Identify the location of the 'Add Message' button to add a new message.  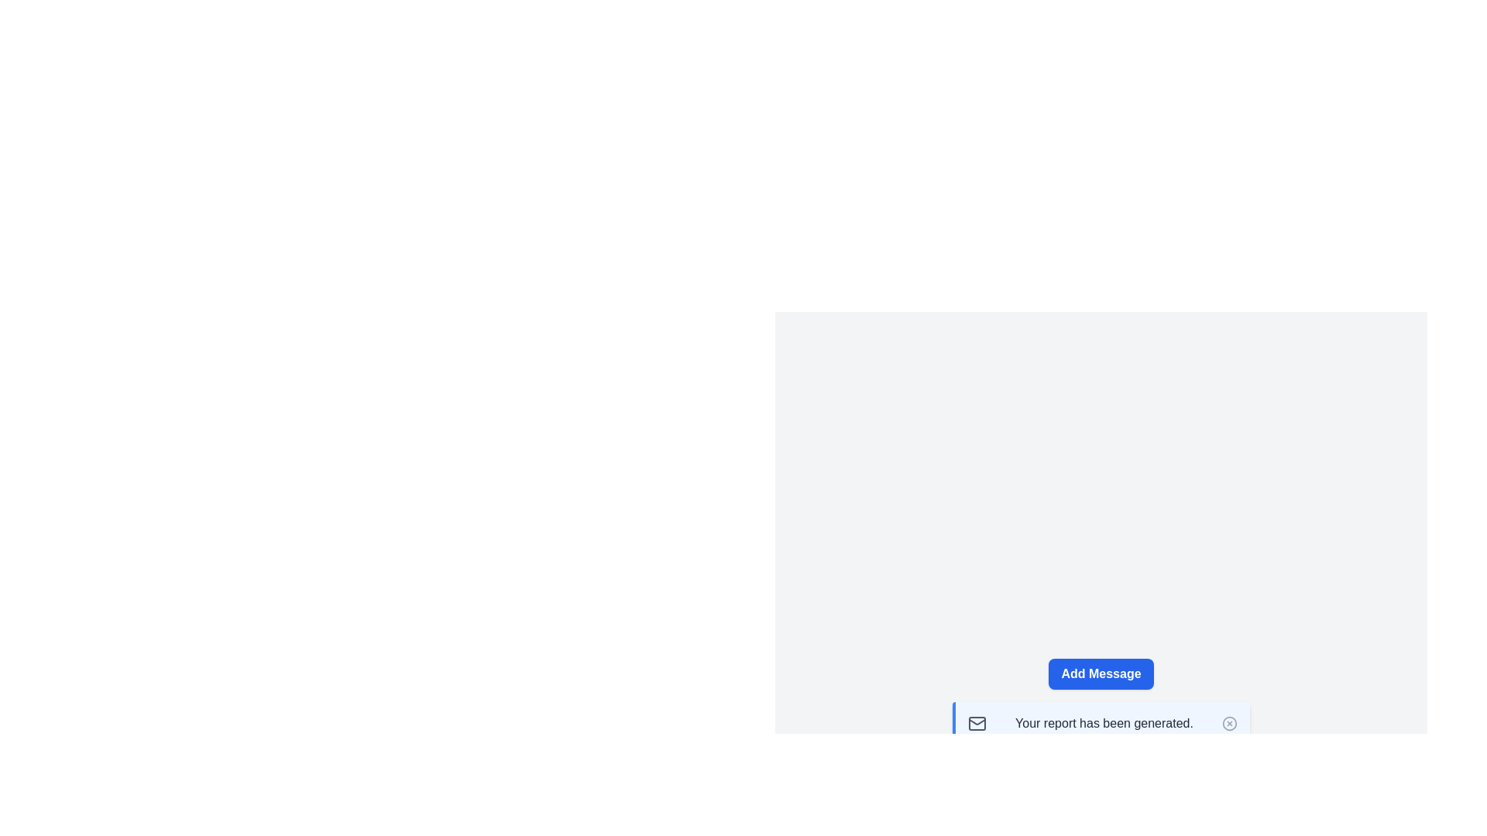
(1100, 673).